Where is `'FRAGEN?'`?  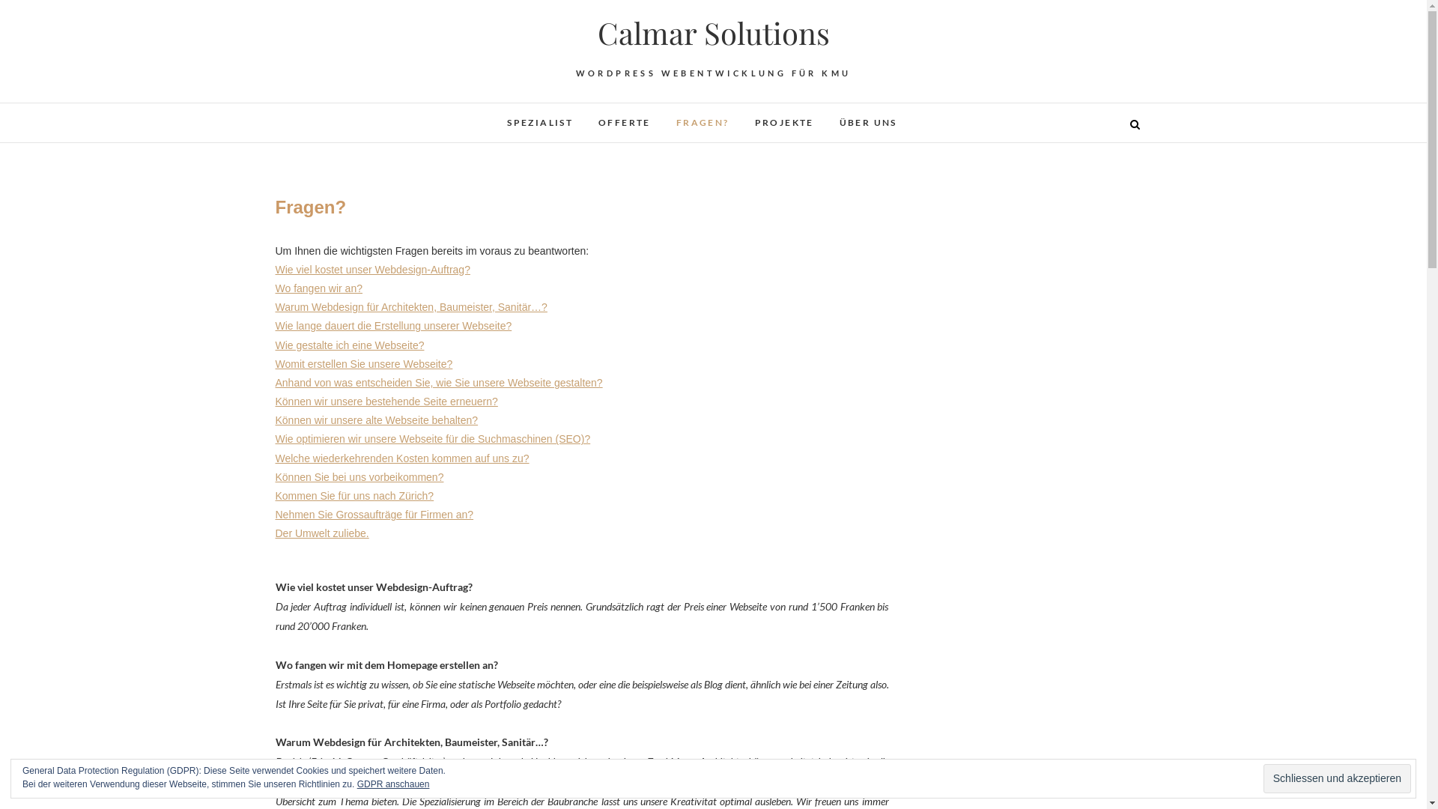 'FRAGEN?' is located at coordinates (702, 122).